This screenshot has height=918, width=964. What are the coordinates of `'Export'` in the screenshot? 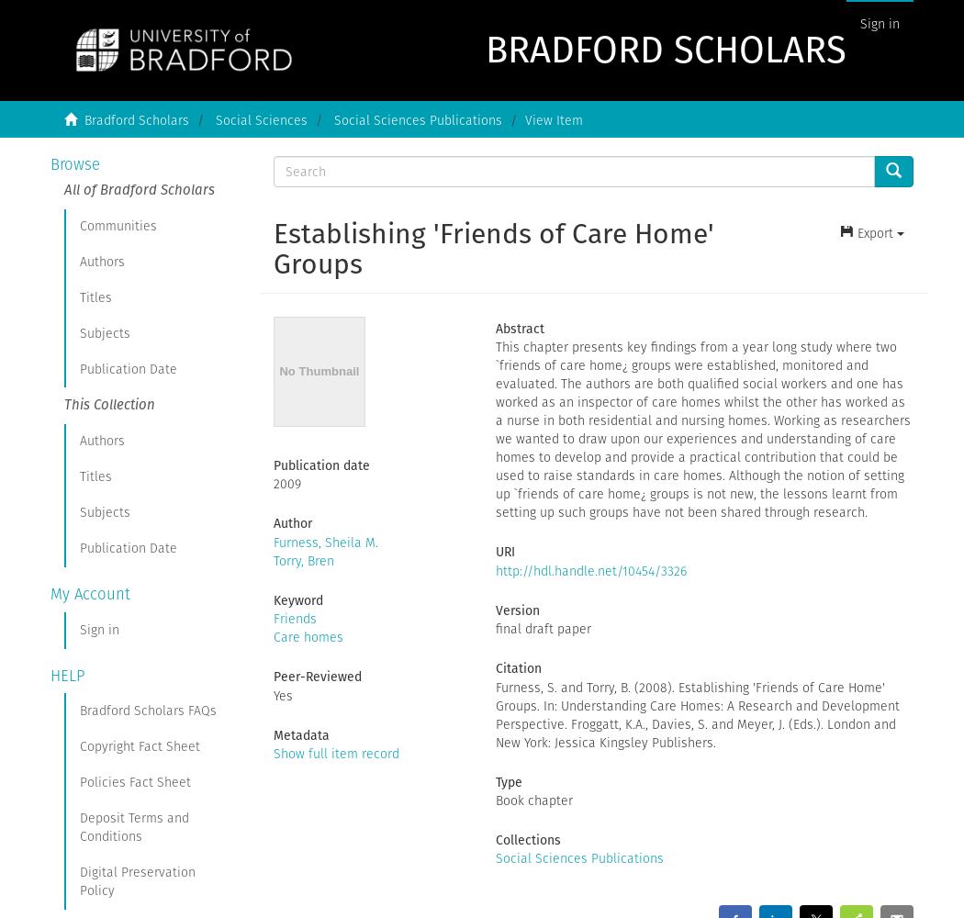 It's located at (873, 233).